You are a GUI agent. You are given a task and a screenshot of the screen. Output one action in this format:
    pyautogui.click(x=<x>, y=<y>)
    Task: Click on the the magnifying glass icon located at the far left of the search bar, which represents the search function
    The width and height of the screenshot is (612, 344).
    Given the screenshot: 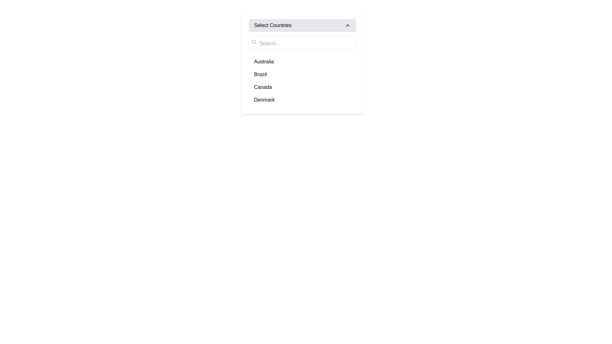 What is the action you would take?
    pyautogui.click(x=253, y=42)
    